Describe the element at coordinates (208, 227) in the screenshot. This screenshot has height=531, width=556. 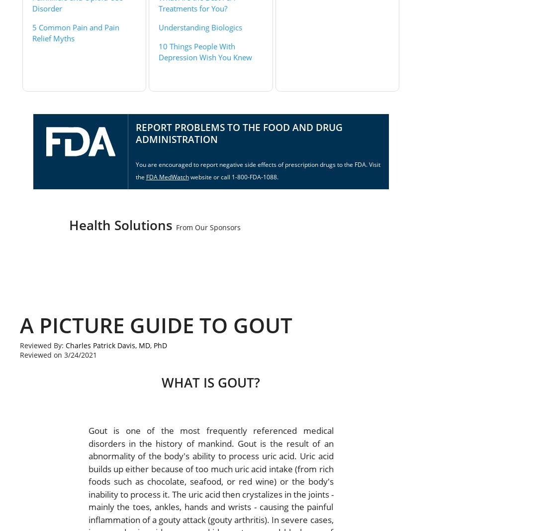
I see `'From Our Sponsors'` at that location.